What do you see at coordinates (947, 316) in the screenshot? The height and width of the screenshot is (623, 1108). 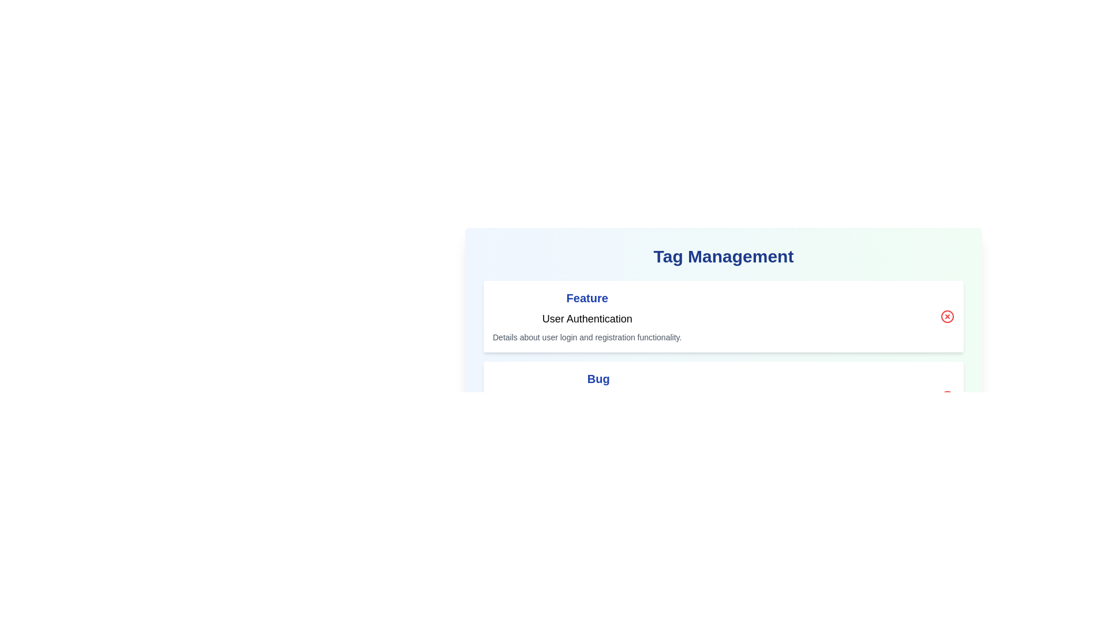 I see `the circular button with a red border and an 'X' inside, located in the top-right corner of the 'User Authentication' features card` at bounding box center [947, 316].